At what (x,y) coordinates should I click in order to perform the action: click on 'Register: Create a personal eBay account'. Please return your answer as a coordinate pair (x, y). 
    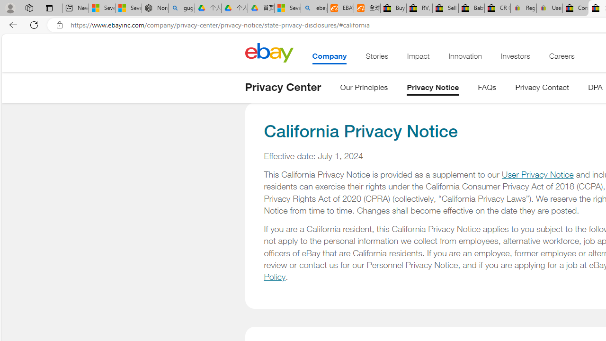
    Looking at the image, I should click on (523, 8).